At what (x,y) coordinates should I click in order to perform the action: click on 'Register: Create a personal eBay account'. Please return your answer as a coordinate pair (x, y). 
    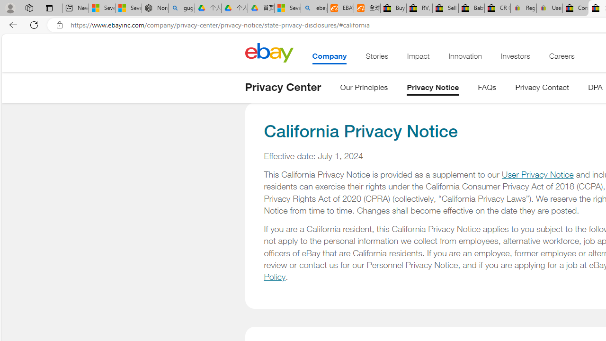
    Looking at the image, I should click on (523, 8).